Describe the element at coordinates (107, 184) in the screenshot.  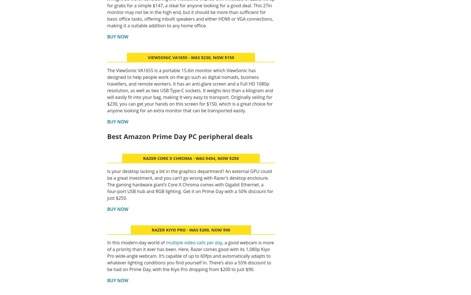
I see `'Is your desktop lacking a bit in the graphics department? An external GPU could be a great investment, and you can’t go wrong with Razer’s desktop enclosure. The gaming hardware giant’s Core X Chroma comes with Gigabit Ethernet, a four-port USB hub and RGB lighting. Get it on Prime Day with a 50% discount for just $250.'` at that location.